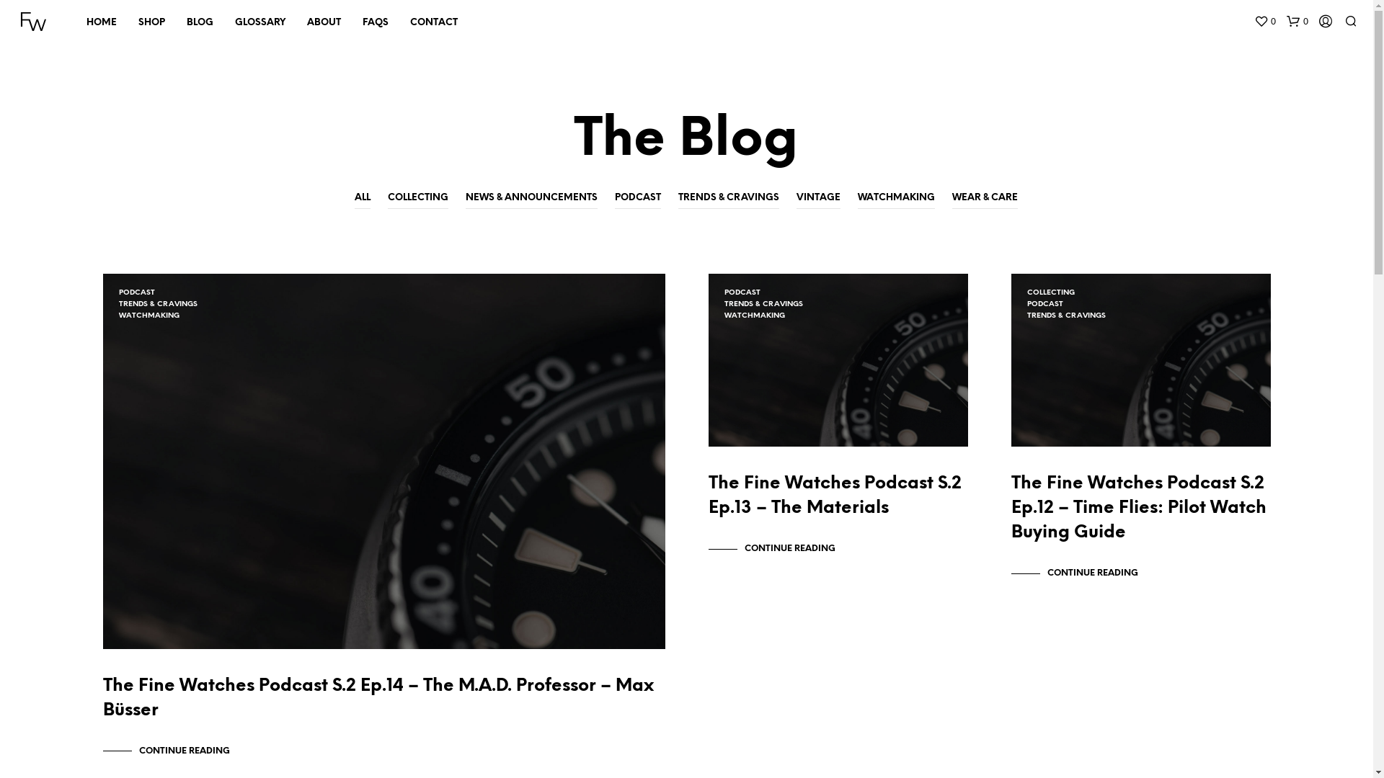 This screenshot has height=778, width=1384. I want to click on 'VINTAGE', so click(818, 198).